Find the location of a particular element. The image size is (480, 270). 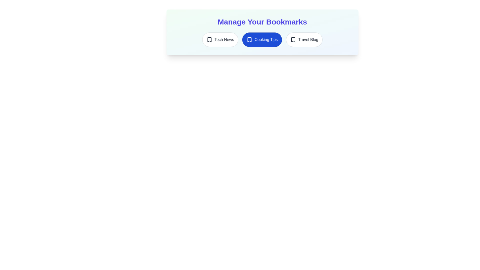

the bookmark Travel Blog is located at coordinates (304, 39).